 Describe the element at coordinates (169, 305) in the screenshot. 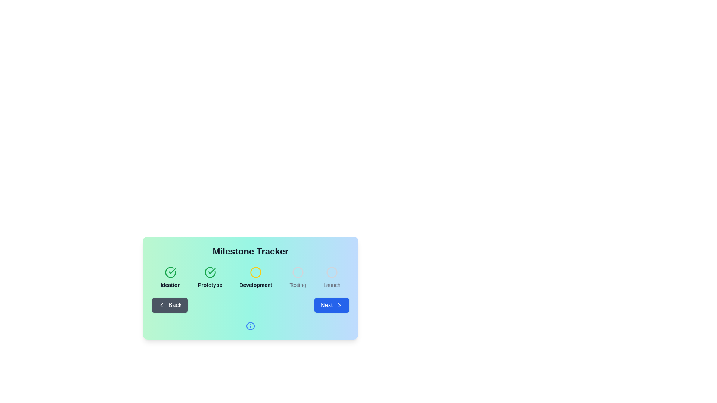

I see `the navigation button located at the bottom-left corner of the Milestone Tracker interface` at that location.